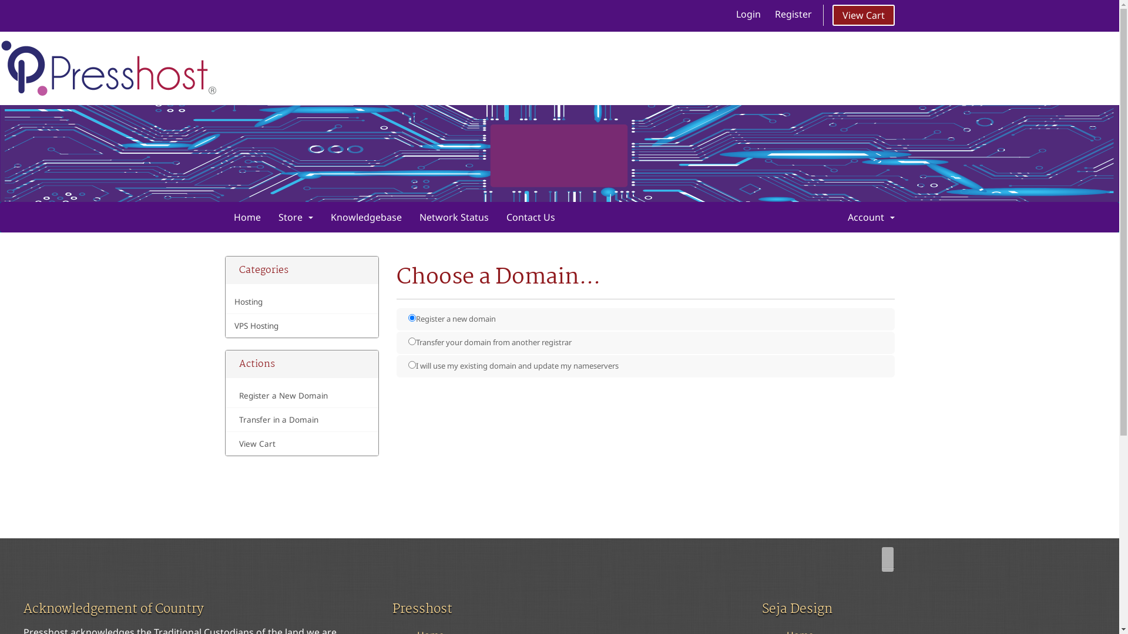 The height and width of the screenshot is (634, 1128). What do you see at coordinates (365, 217) in the screenshot?
I see `'Knowledgebase'` at bounding box center [365, 217].